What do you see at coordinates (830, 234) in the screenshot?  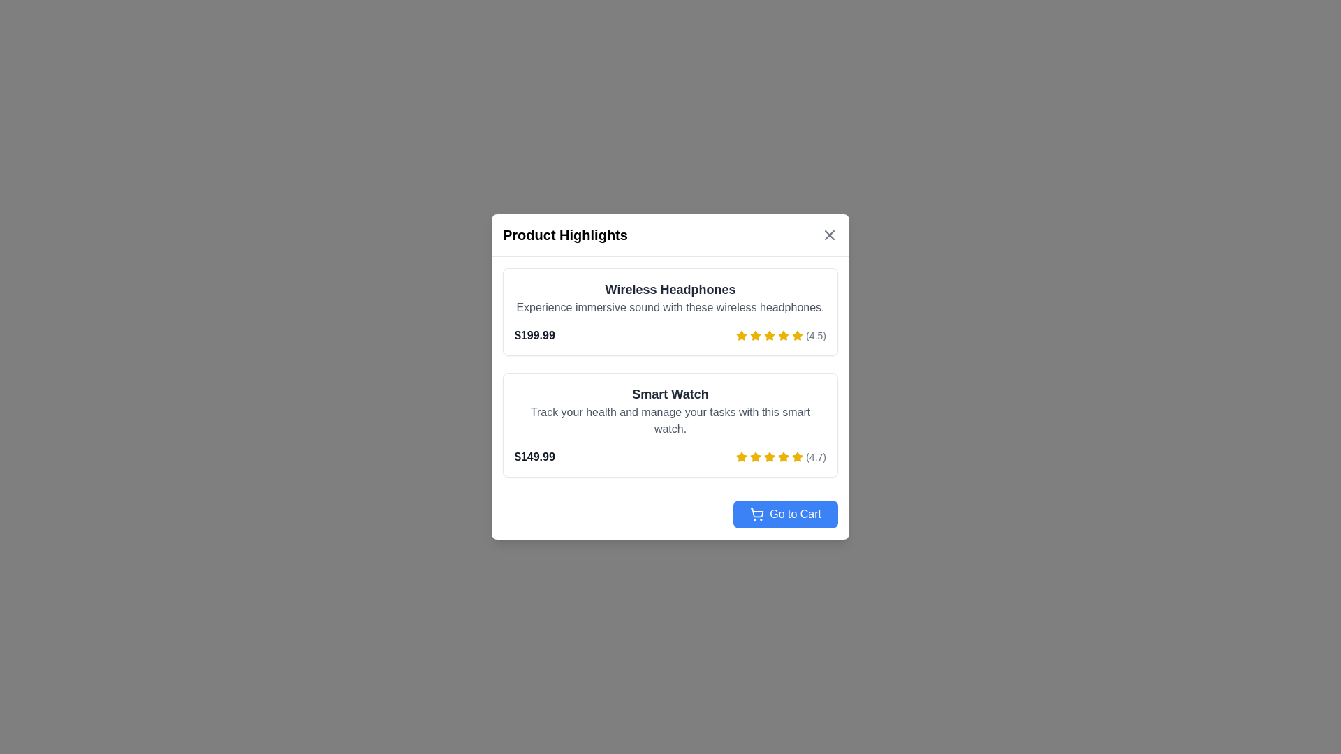 I see `the Close button represented by an 'X' icon in the top-right corner of the 'Product Highlights' section to trigger the color change from gray to red` at bounding box center [830, 234].